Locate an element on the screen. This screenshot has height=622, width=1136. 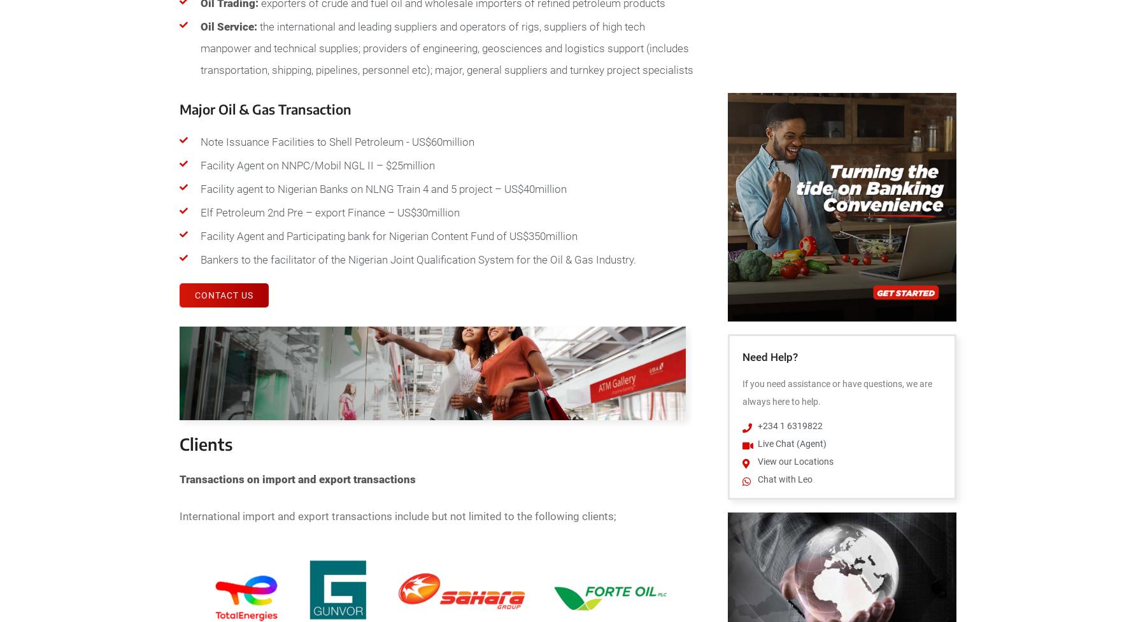
'Note Issuance Facilities to Shell Petroleum - US$60million' is located at coordinates (337, 141).